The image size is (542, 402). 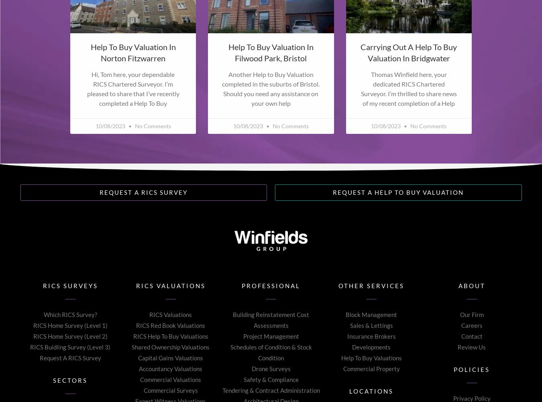 I want to click on 'Review Us', so click(x=471, y=347).